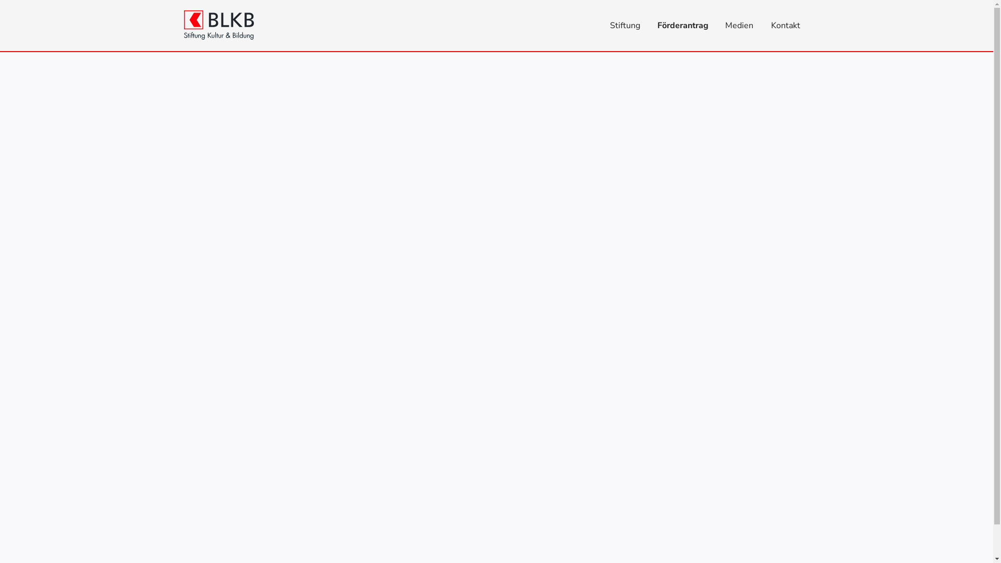  Describe the element at coordinates (738, 24) in the screenshot. I see `'Medien'` at that location.